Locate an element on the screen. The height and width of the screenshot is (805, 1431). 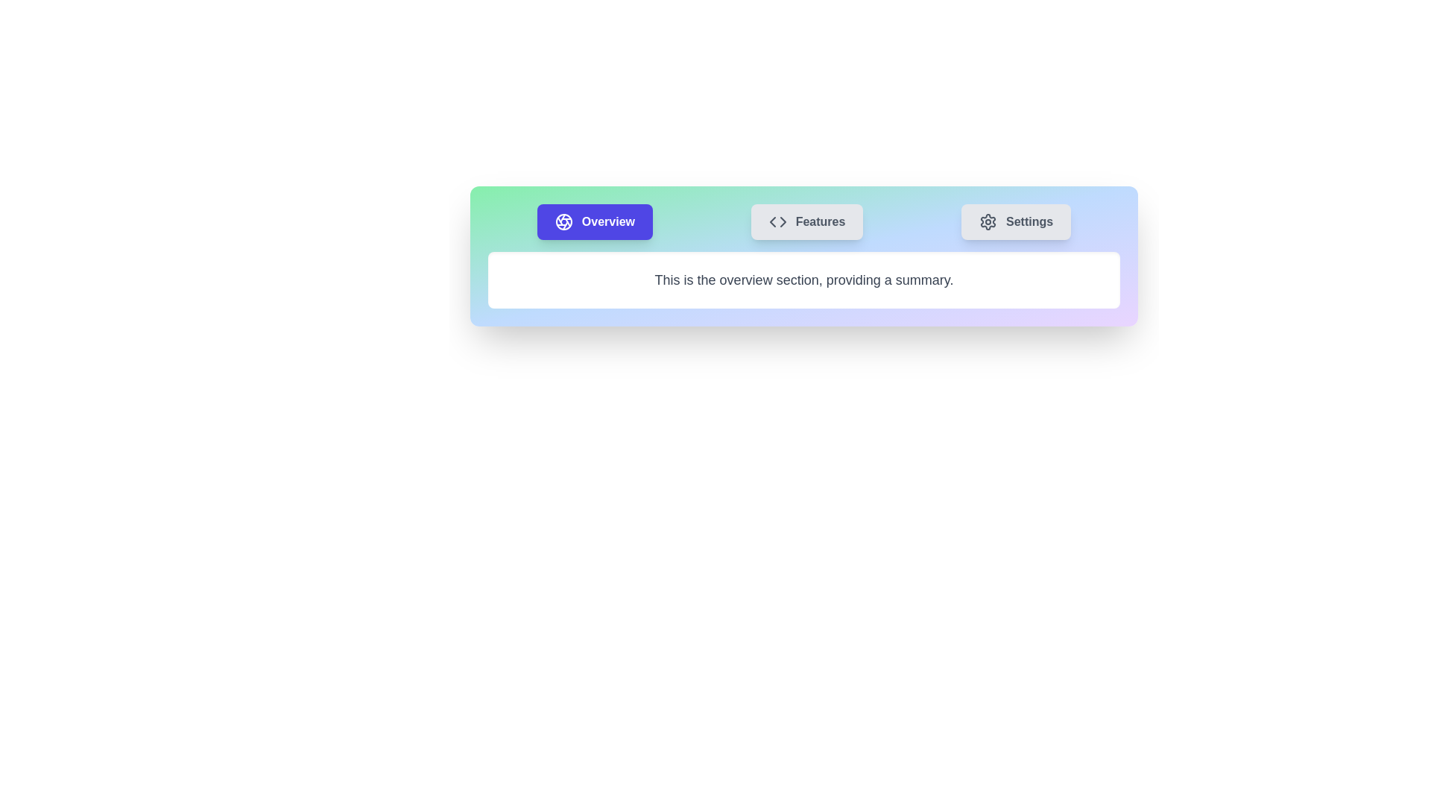
the tab titled Settings to observe its icon and title is located at coordinates (1015, 221).